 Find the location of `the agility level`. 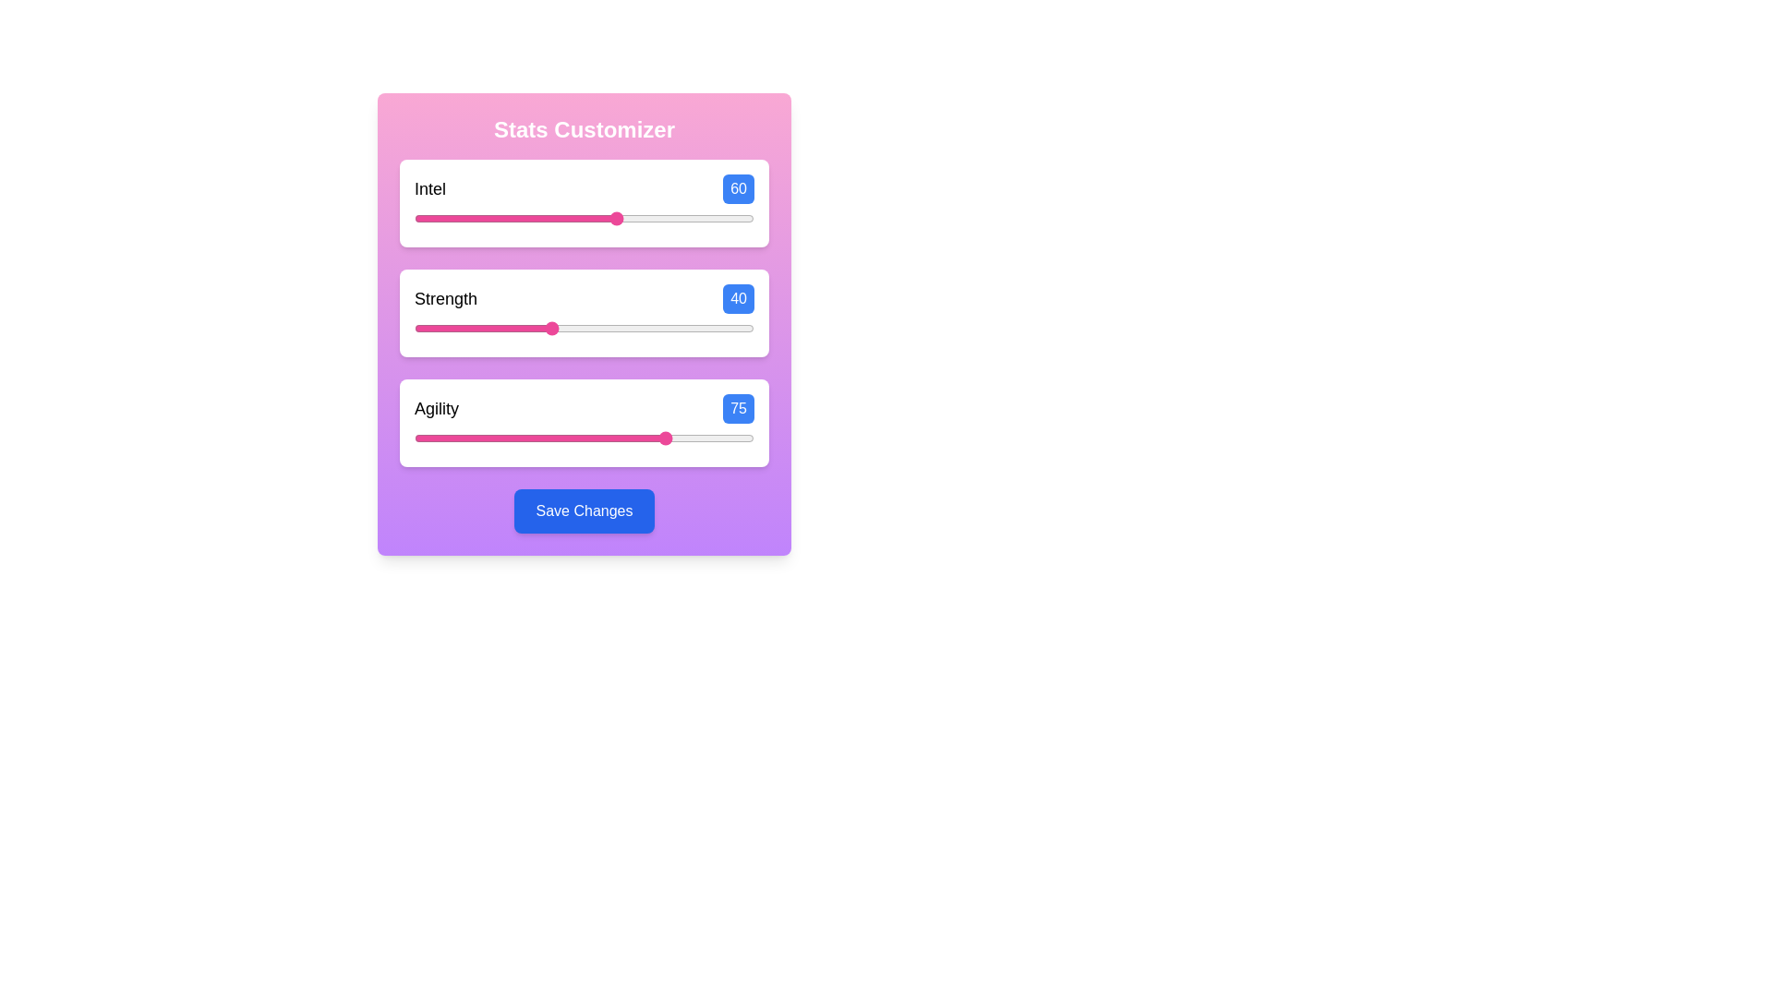

the agility level is located at coordinates (532, 438).